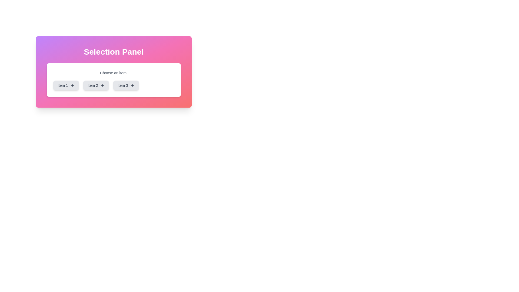 This screenshot has height=292, width=519. What do you see at coordinates (122, 85) in the screenshot?
I see `the text label displaying 'Item 3', which is the textual part of the rightmost button in a horizontal list of three buttons, located in the 'Selection Panel'` at bounding box center [122, 85].